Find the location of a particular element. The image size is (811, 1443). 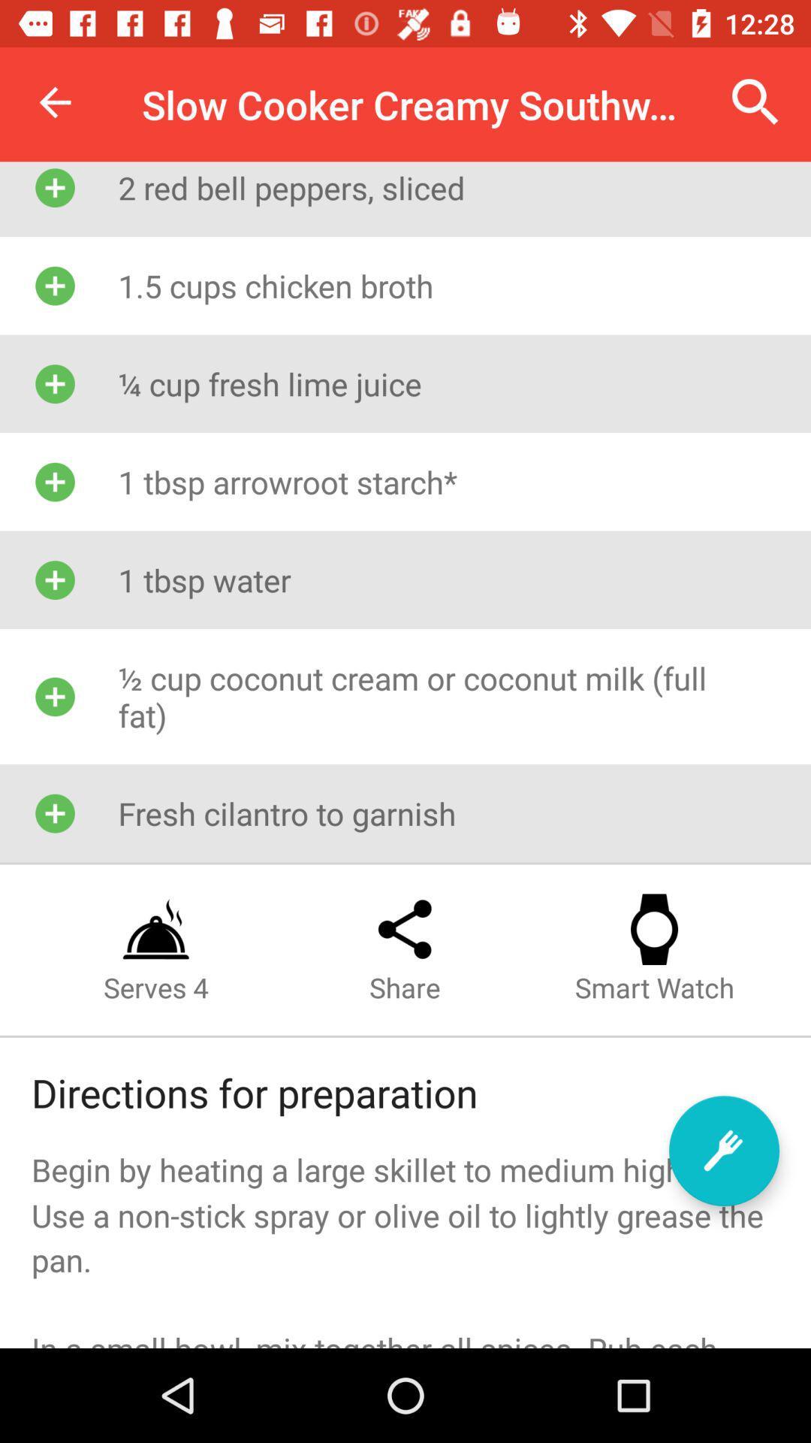

the item to the right of the slow cooker creamy icon is located at coordinates (755, 101).